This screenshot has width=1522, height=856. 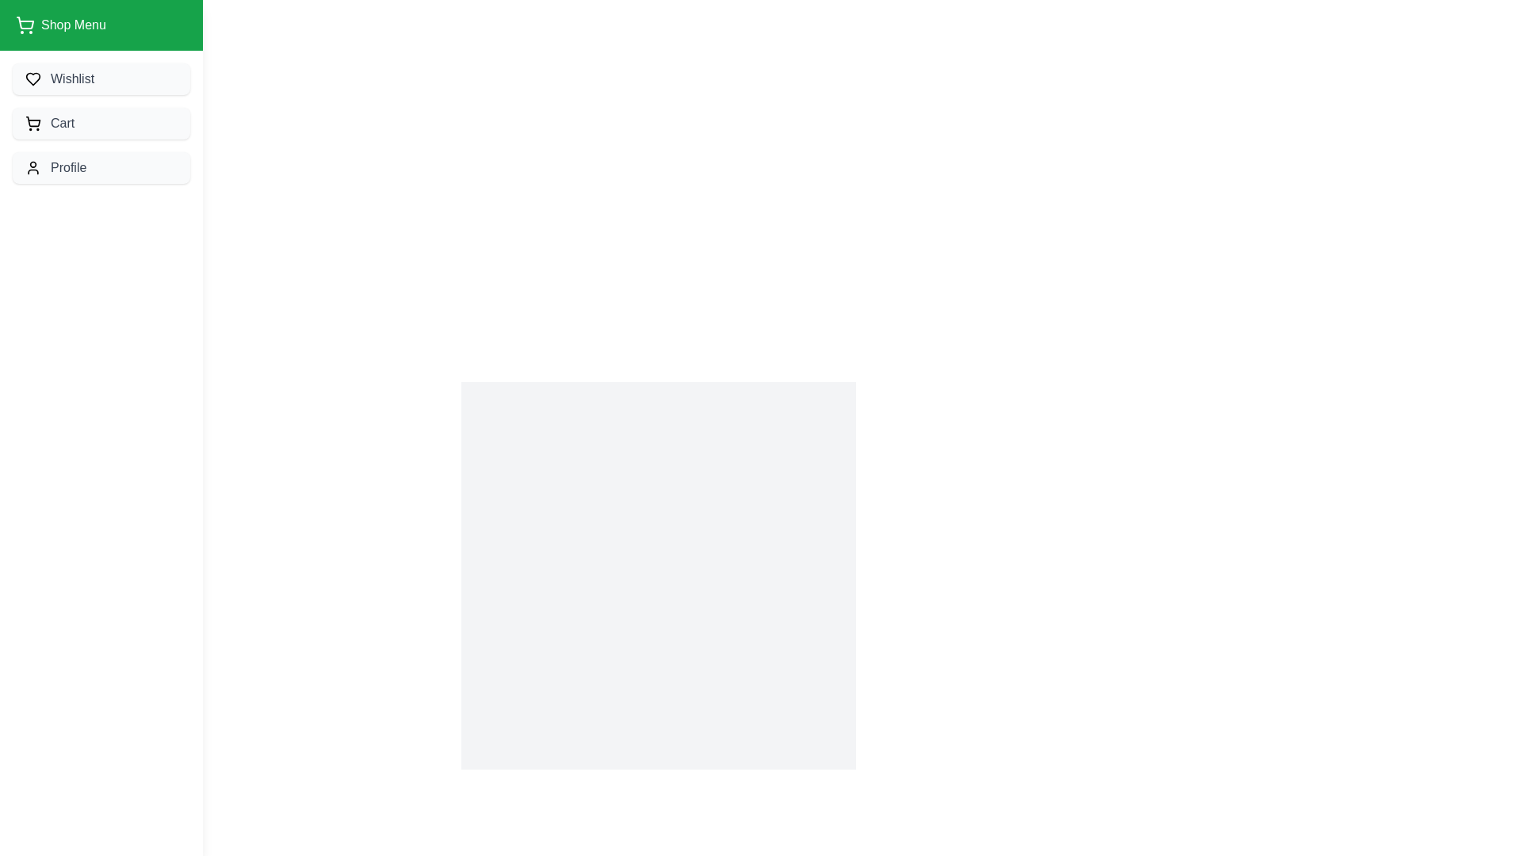 What do you see at coordinates (101, 168) in the screenshot?
I see `the navigation drawer item Profile` at bounding box center [101, 168].